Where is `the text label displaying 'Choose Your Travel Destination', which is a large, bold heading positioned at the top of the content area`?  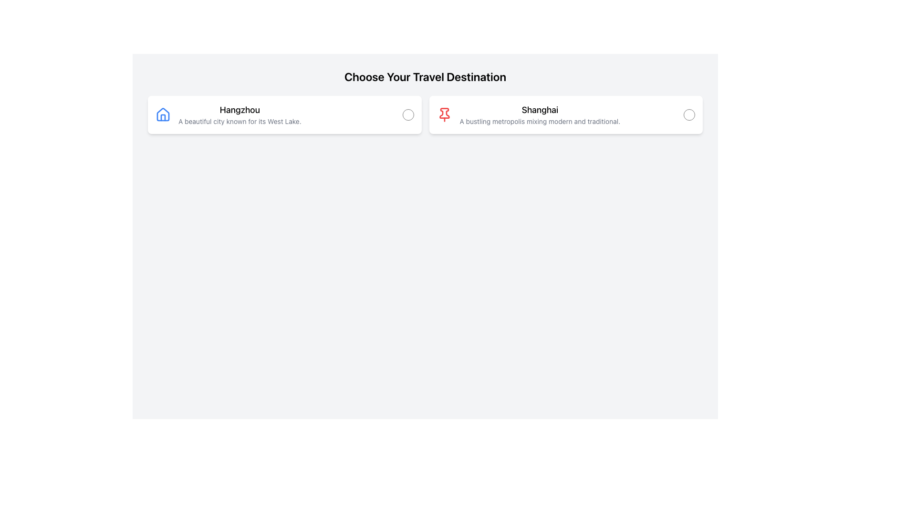
the text label displaying 'Choose Your Travel Destination', which is a large, bold heading positioned at the top of the content area is located at coordinates (425, 76).